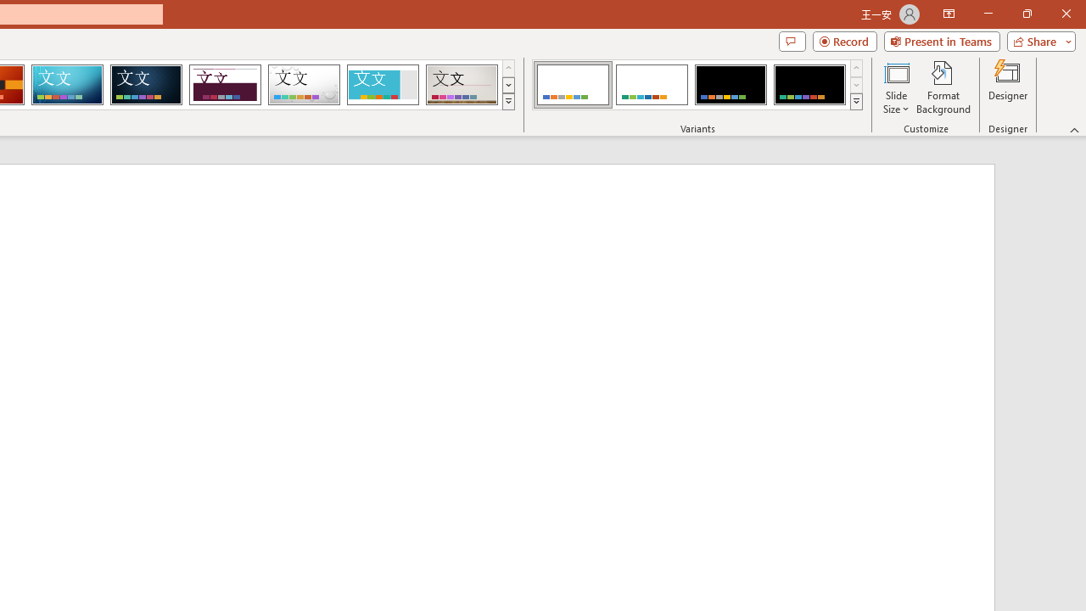  What do you see at coordinates (651, 85) in the screenshot?
I see `'Office Theme Variant 2'` at bounding box center [651, 85].